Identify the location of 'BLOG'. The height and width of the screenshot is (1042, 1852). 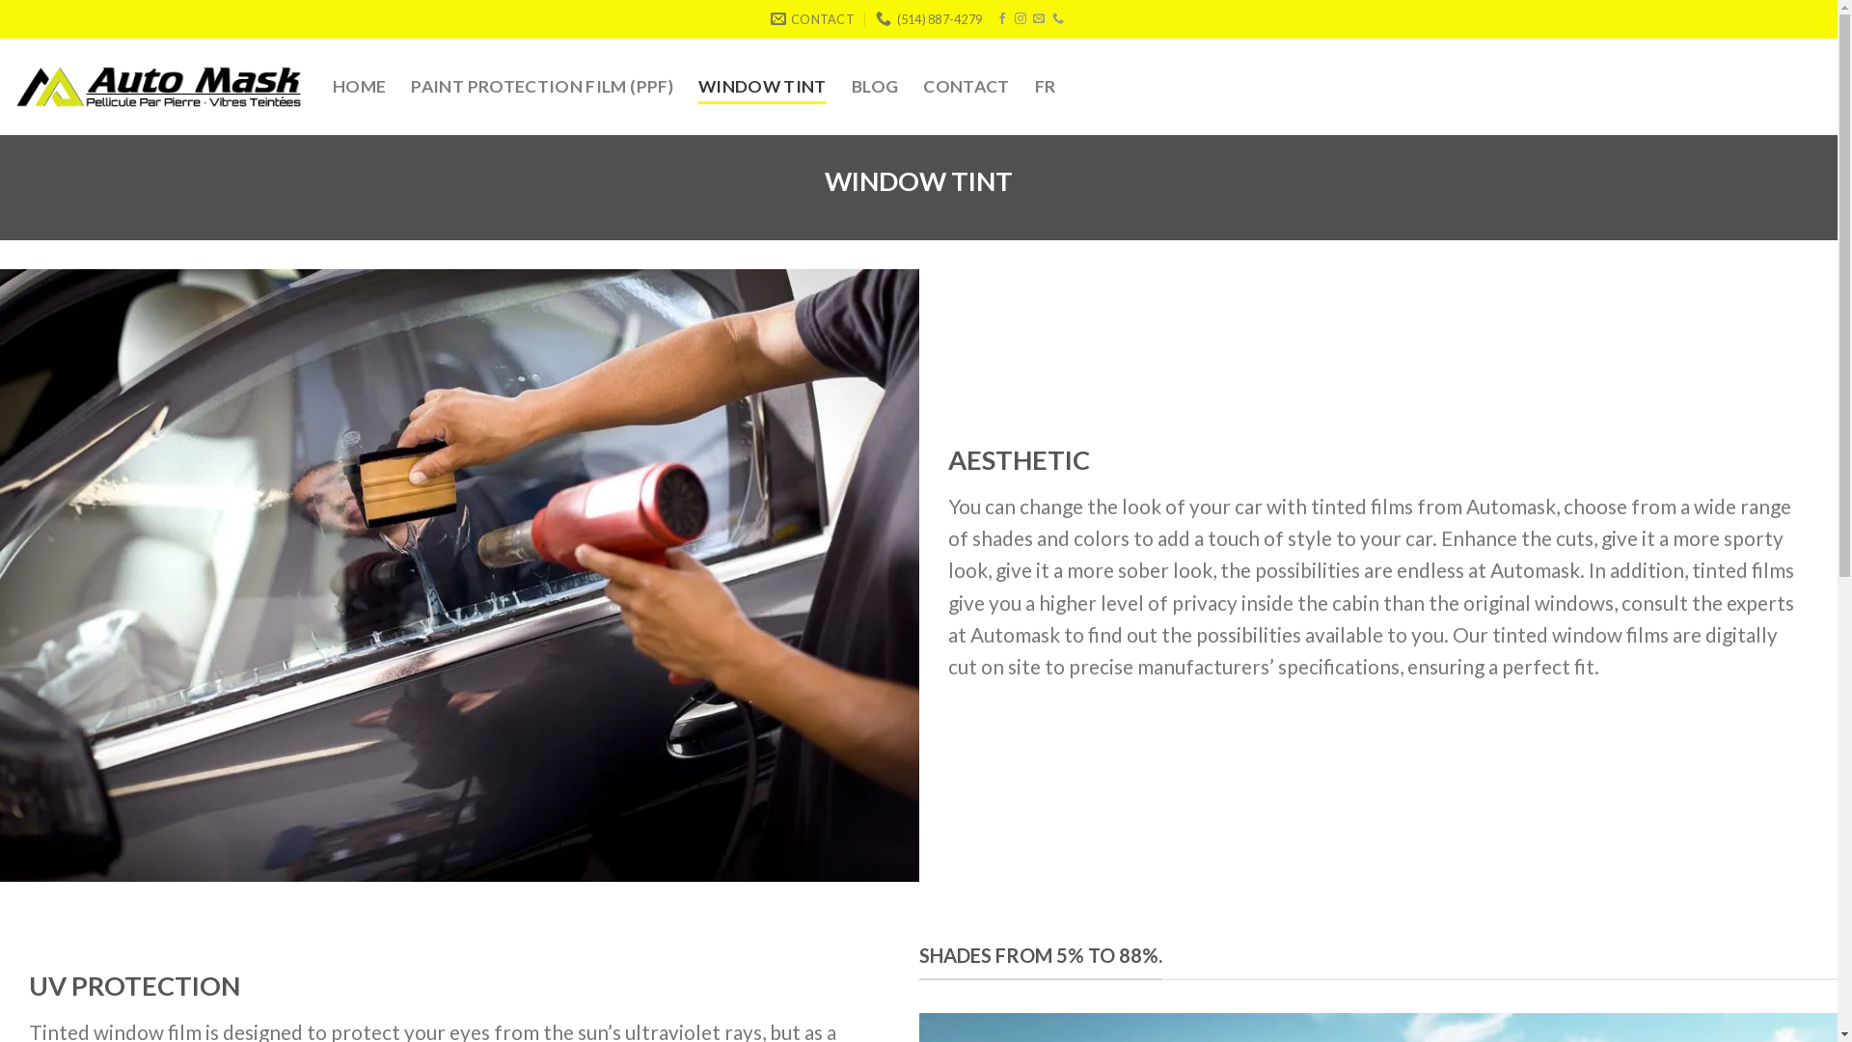
(851, 85).